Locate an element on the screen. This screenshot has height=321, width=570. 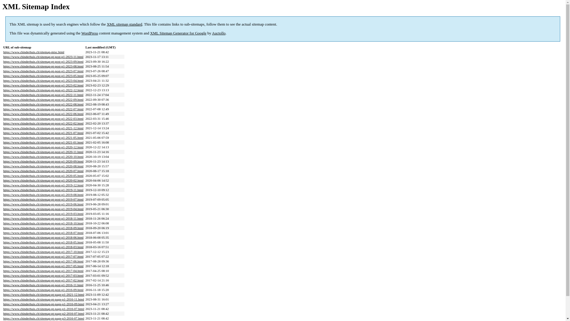
'https://www.chinderhuis.ch/sitemap-pt-post-p1-2018-09.html' is located at coordinates (43, 228).